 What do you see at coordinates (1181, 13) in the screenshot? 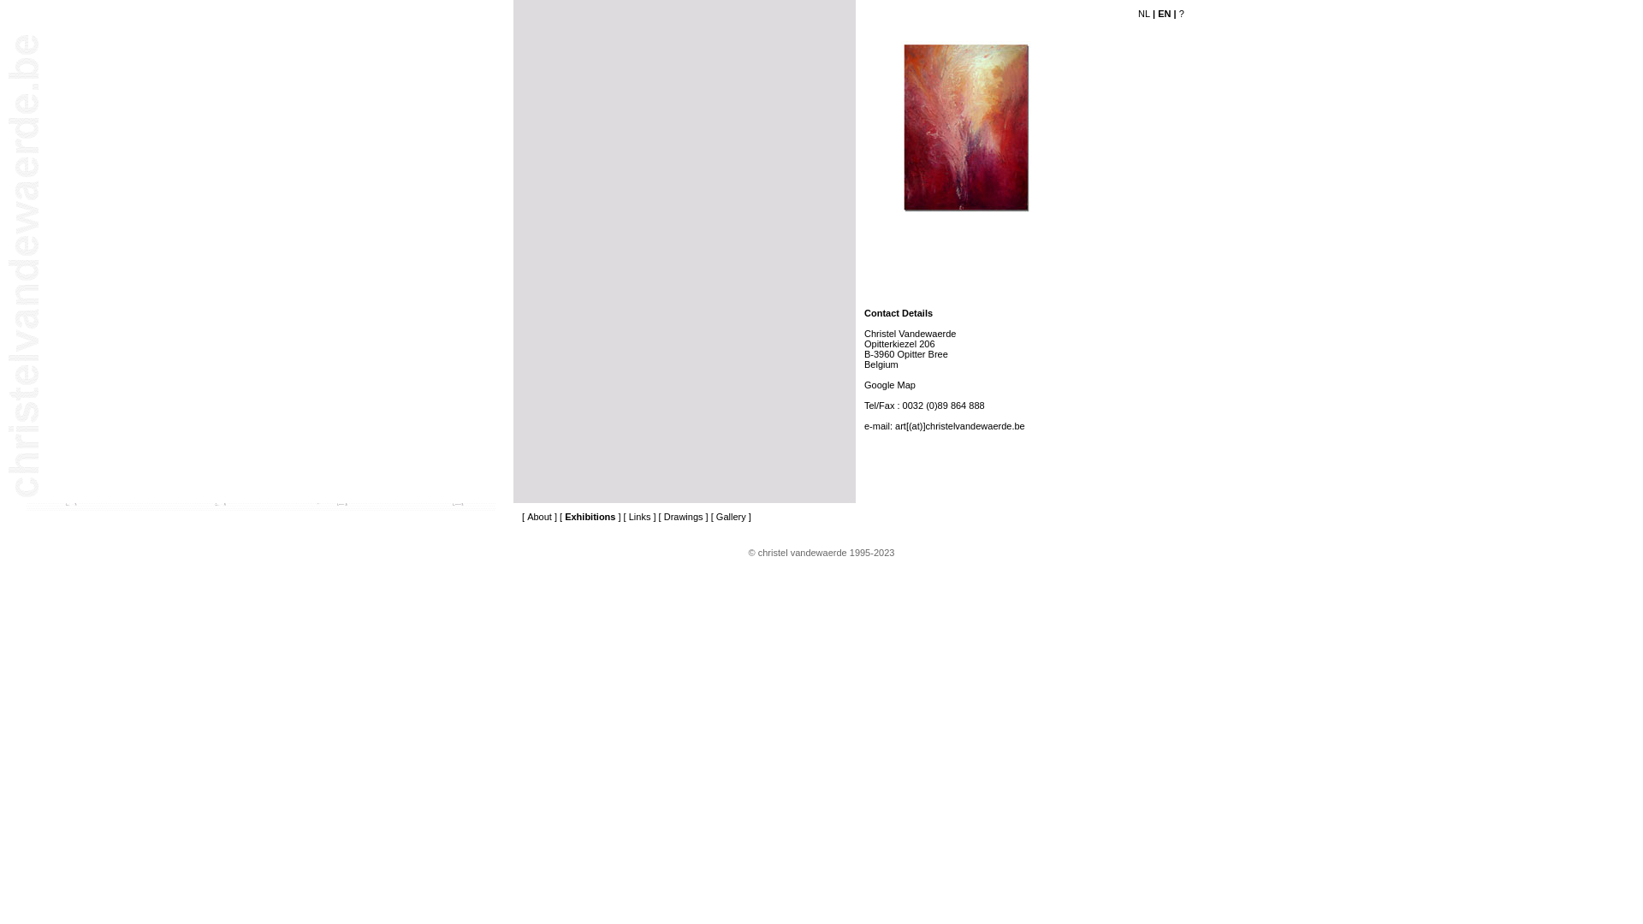
I see `'?'` at bounding box center [1181, 13].